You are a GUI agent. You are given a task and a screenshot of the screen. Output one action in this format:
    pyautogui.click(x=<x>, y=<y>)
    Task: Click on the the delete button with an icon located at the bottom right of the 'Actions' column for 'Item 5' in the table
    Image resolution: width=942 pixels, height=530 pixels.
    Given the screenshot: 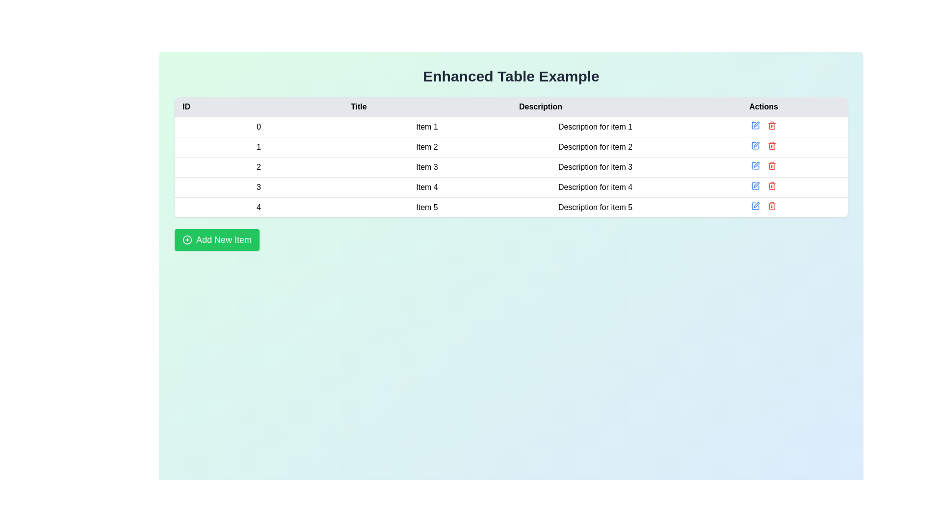 What is the action you would take?
    pyautogui.click(x=771, y=206)
    